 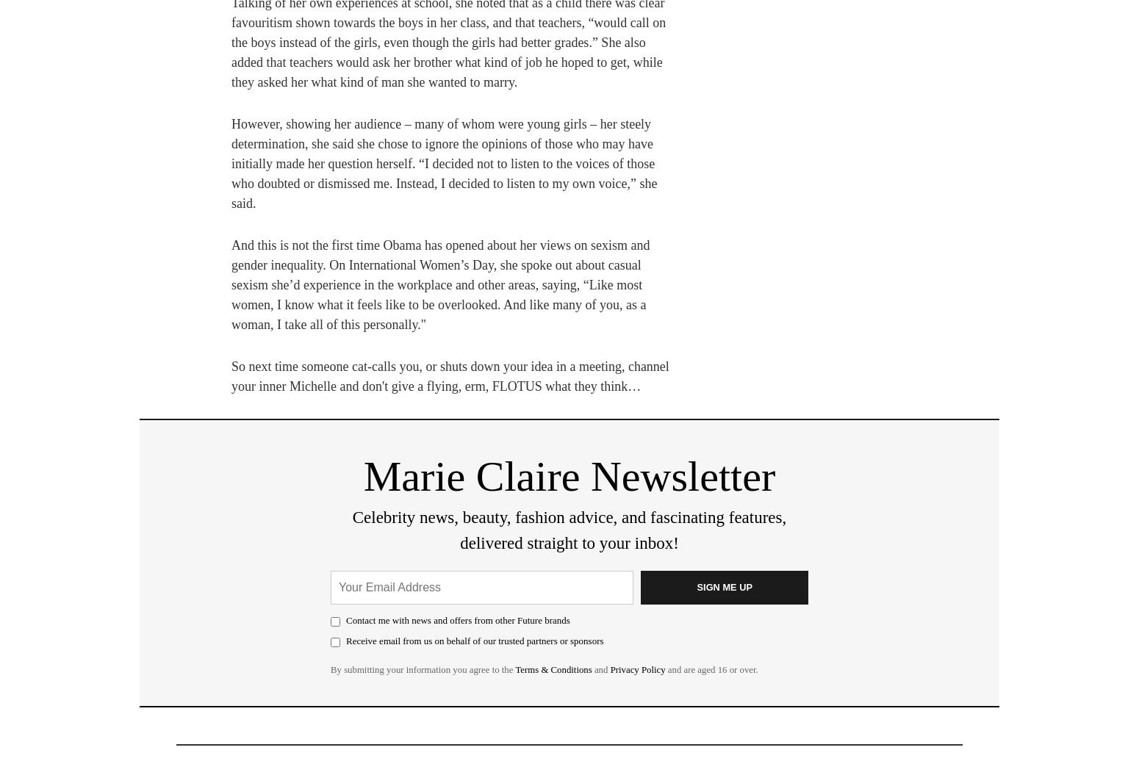 I want to click on 'Marie Claire Newsletter', so click(x=569, y=475).